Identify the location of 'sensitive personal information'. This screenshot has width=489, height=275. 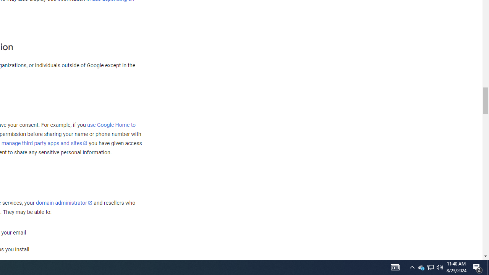
(74, 152).